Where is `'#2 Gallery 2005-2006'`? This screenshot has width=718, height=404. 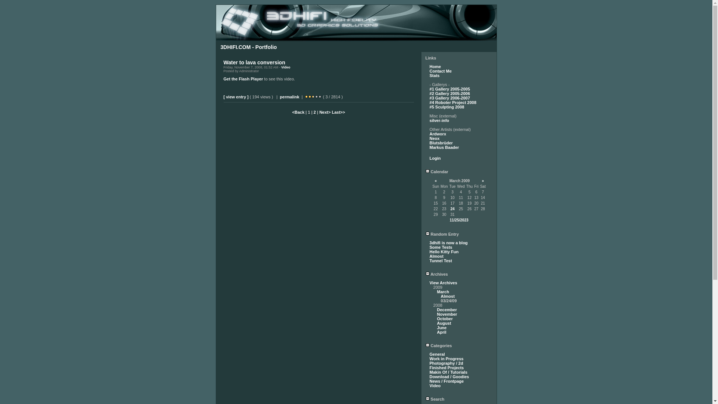 '#2 Gallery 2005-2006' is located at coordinates (449, 93).